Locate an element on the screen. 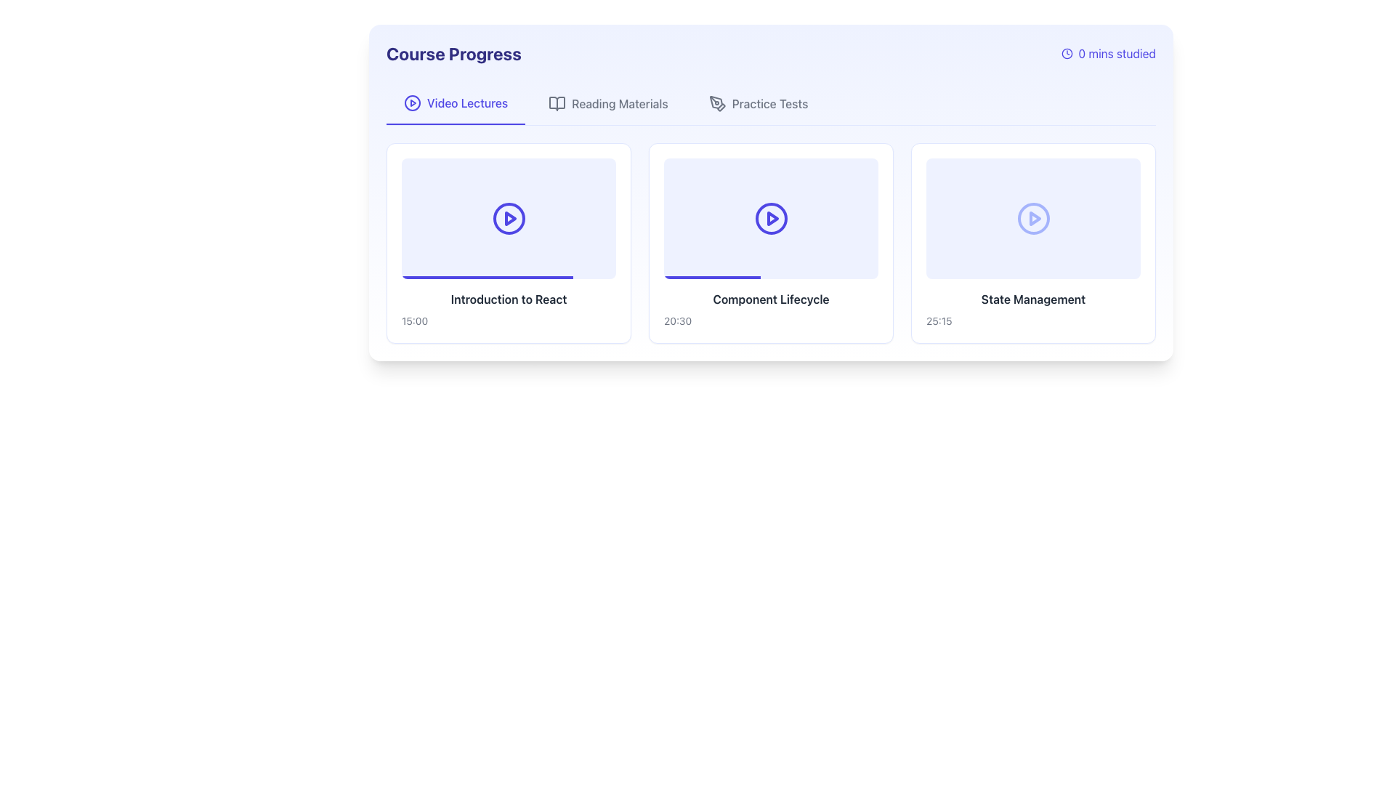  the circular icon containing the triangular play symbol, which serves as the button to start video content for the second course topic in the 'Course Progress' section is located at coordinates (772, 218).